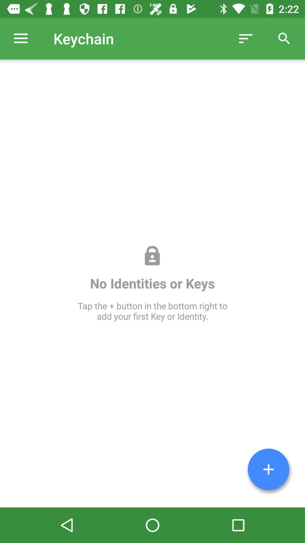  Describe the element at coordinates (268, 469) in the screenshot. I see `new item` at that location.